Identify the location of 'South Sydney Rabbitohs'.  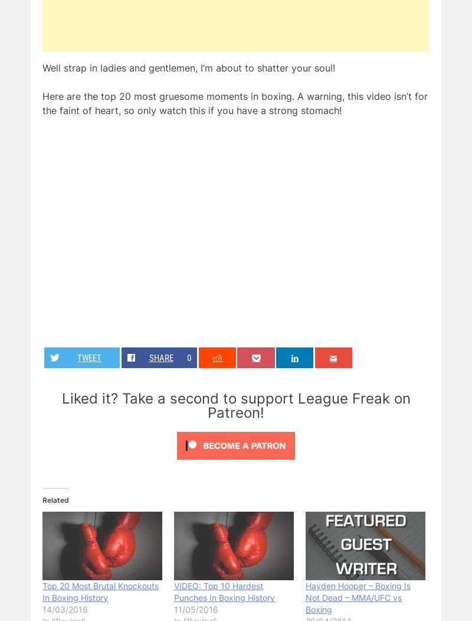
(300, 170).